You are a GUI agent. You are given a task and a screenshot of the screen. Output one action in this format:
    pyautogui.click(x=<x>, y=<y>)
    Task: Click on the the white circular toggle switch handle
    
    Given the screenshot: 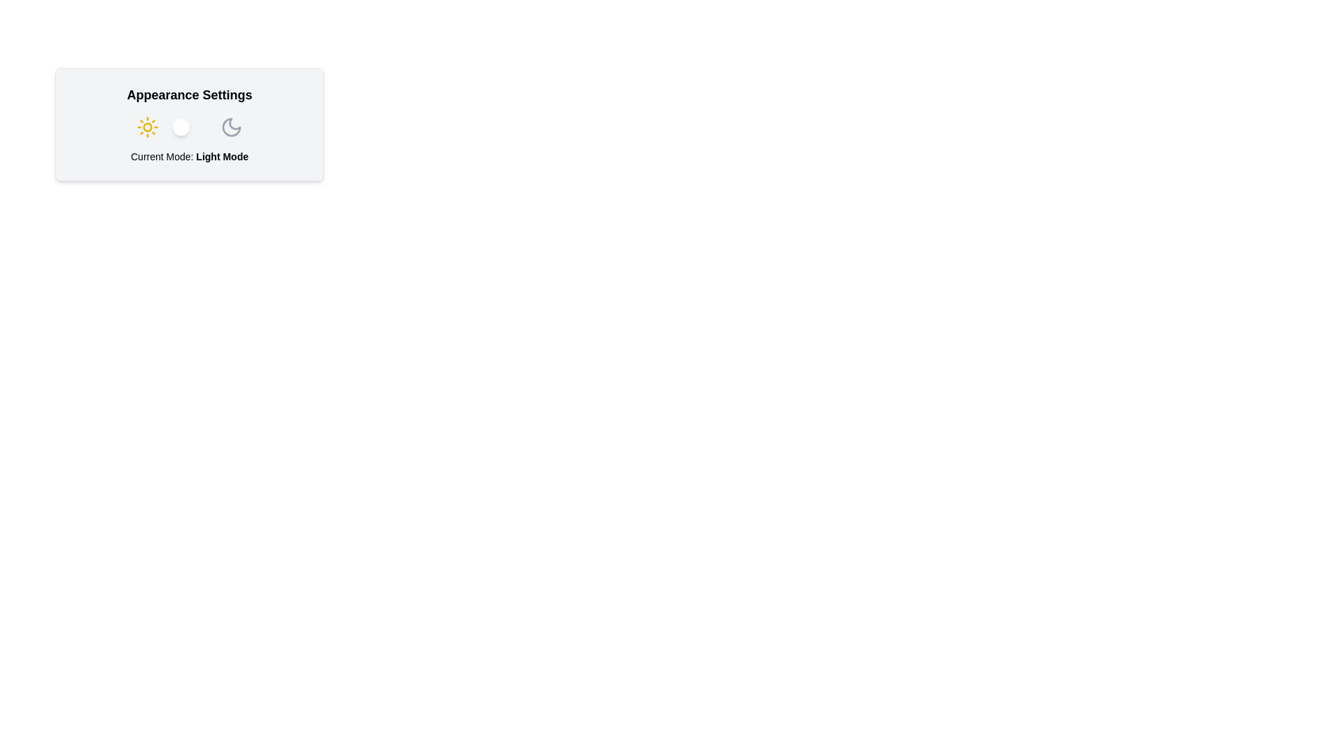 What is the action you would take?
    pyautogui.click(x=181, y=127)
    